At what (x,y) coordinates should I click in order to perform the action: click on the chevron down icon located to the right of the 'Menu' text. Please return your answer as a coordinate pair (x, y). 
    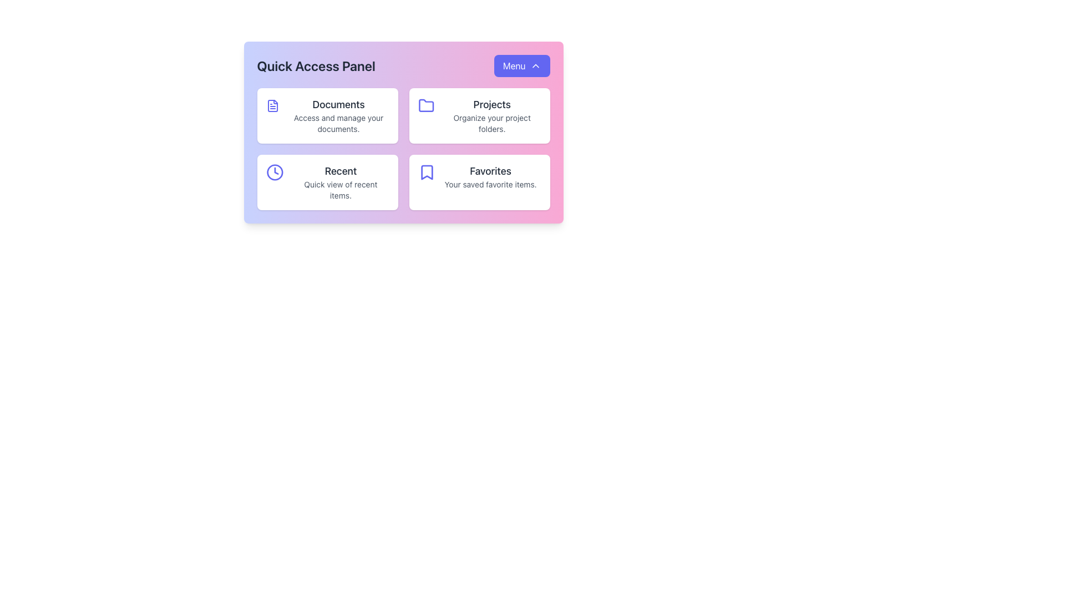
    Looking at the image, I should click on (535, 66).